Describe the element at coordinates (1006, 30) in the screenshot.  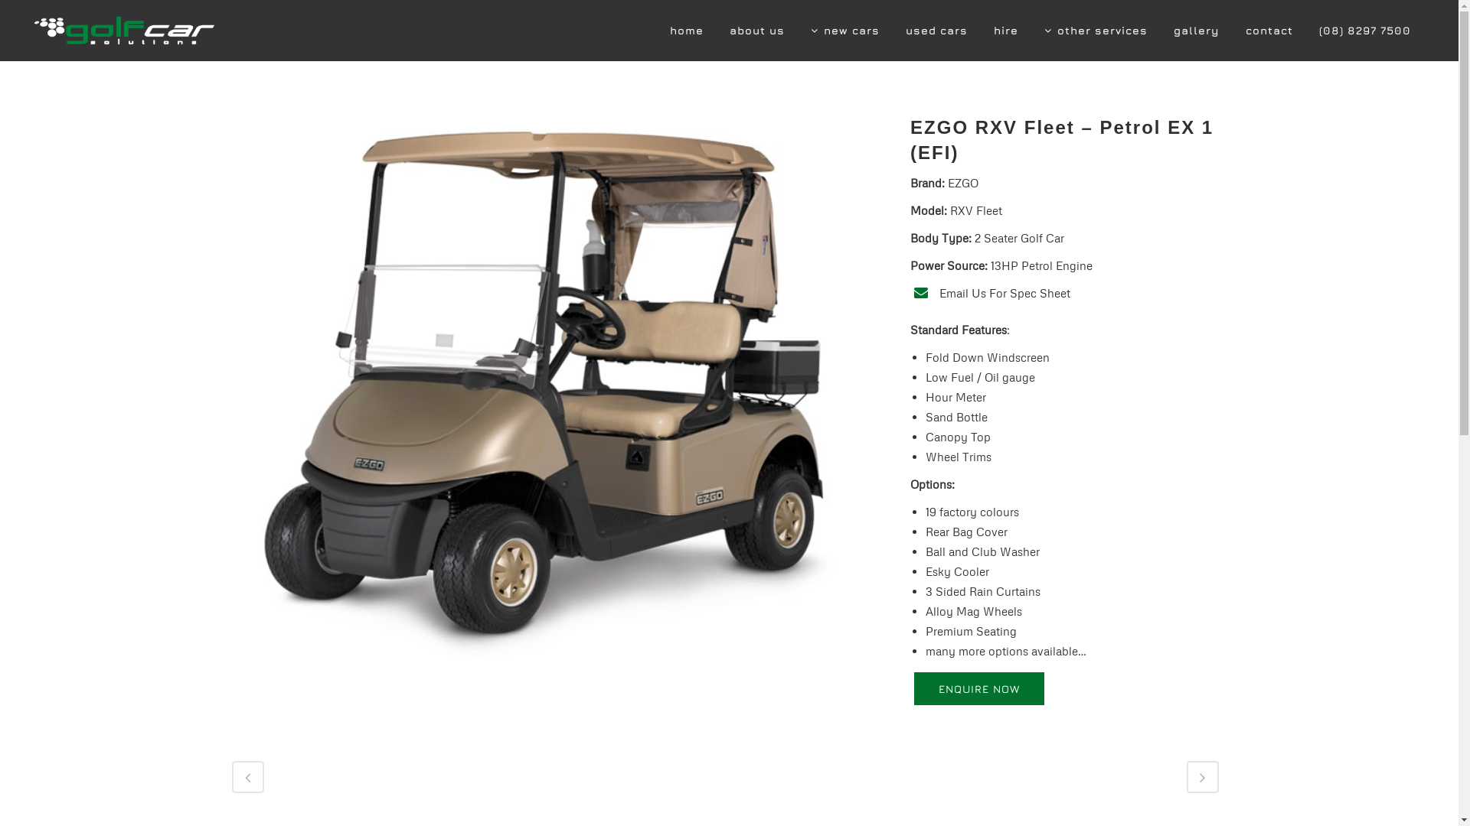
I see `'hire'` at that location.